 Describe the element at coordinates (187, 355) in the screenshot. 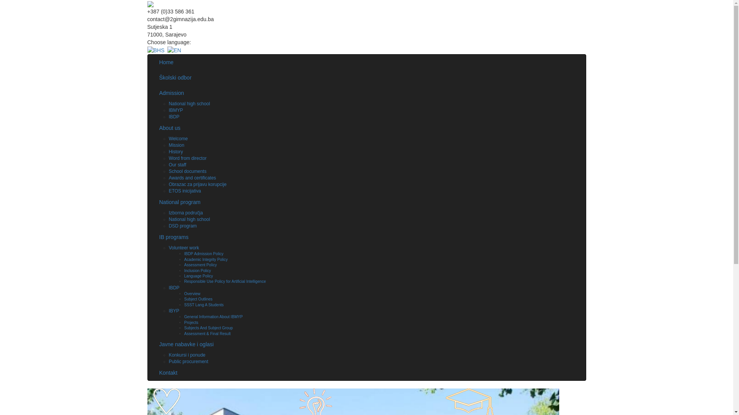

I see `'Konkursi i ponude'` at that location.